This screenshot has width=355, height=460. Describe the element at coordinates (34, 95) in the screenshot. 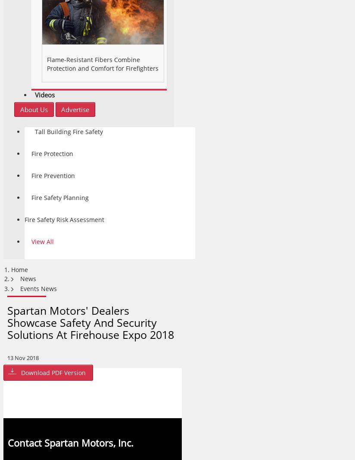

I see `'Videos'` at that location.